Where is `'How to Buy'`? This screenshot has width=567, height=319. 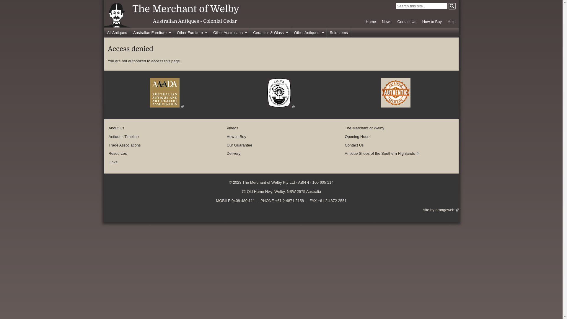
'How to Buy' is located at coordinates (432, 21).